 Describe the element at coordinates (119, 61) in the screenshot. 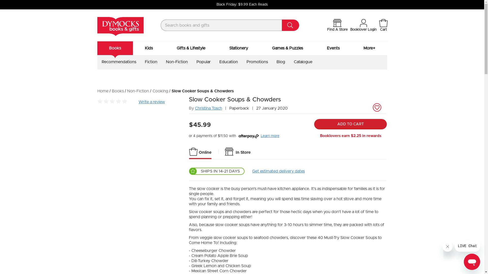

I see `'Recommendations'` at that location.